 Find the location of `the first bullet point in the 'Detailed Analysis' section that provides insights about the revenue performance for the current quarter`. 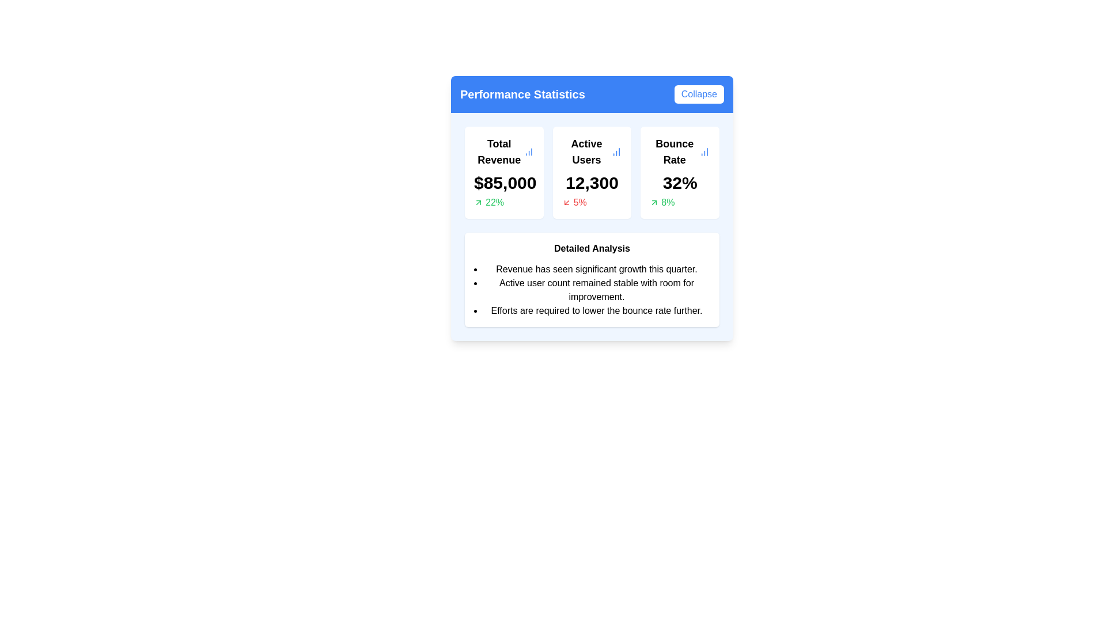

the first bullet point in the 'Detailed Analysis' section that provides insights about the revenue performance for the current quarter is located at coordinates (597, 269).